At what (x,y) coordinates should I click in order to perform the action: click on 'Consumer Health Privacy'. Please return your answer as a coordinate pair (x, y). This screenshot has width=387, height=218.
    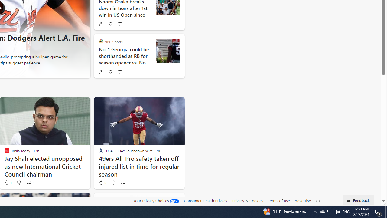
    Looking at the image, I should click on (206, 200).